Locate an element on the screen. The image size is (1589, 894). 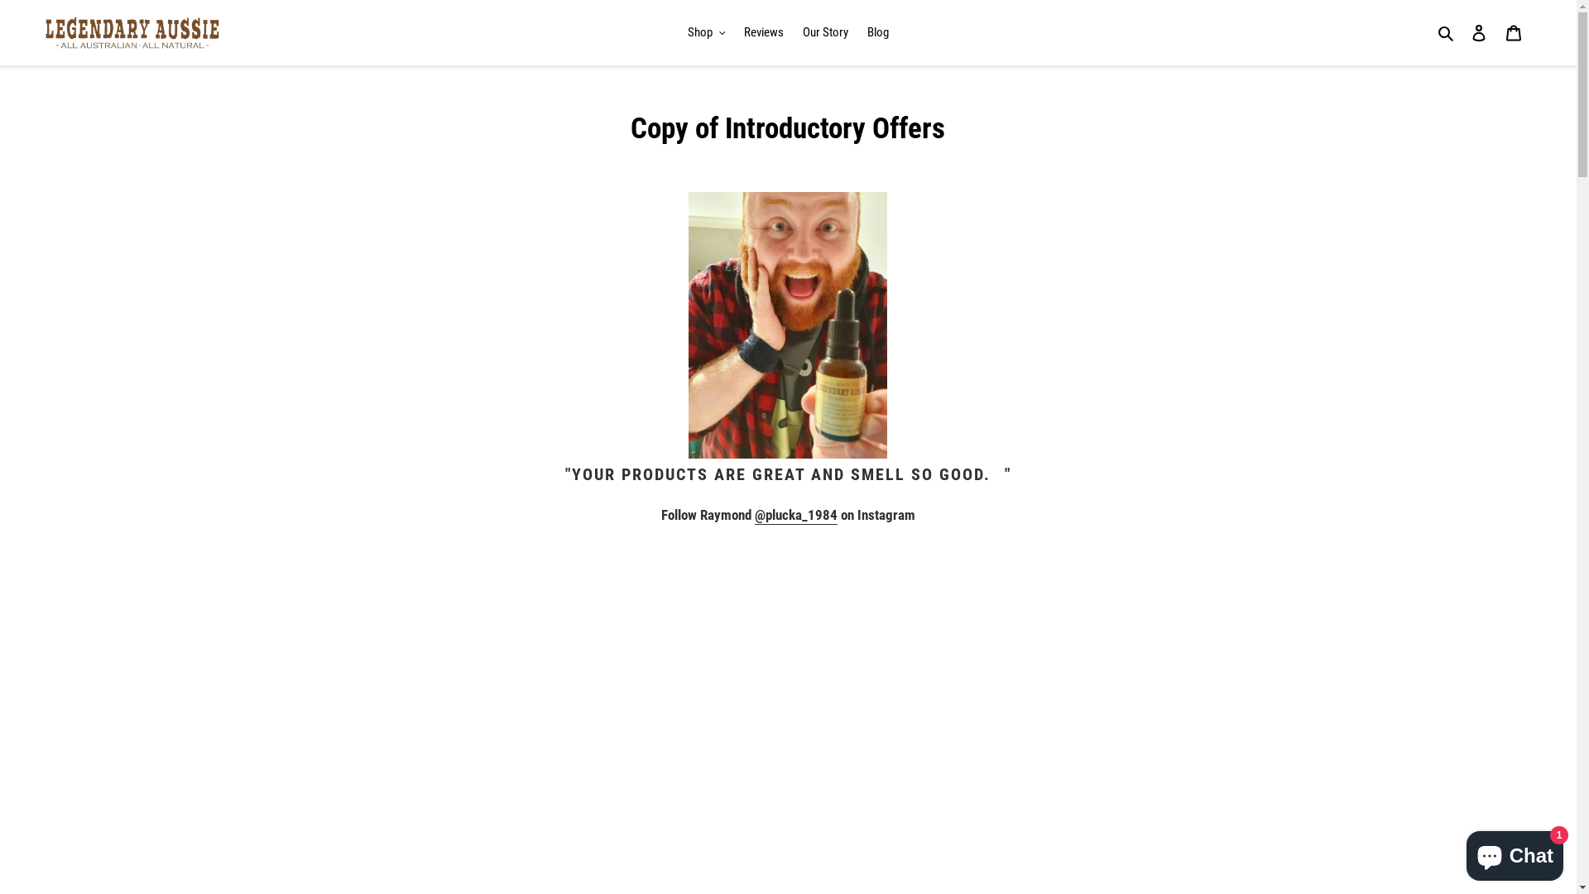
'Search' is located at coordinates (1446, 32).